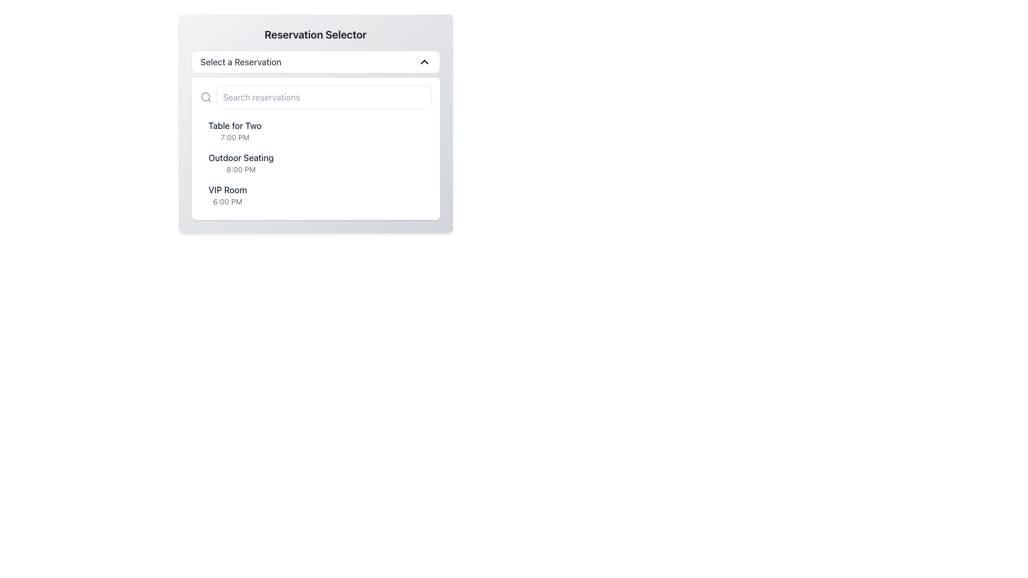 Image resolution: width=1028 pixels, height=578 pixels. Describe the element at coordinates (240, 163) in the screenshot. I see `the list item displaying 'Outdoor Seating' with the time '8:00 PM'` at that location.